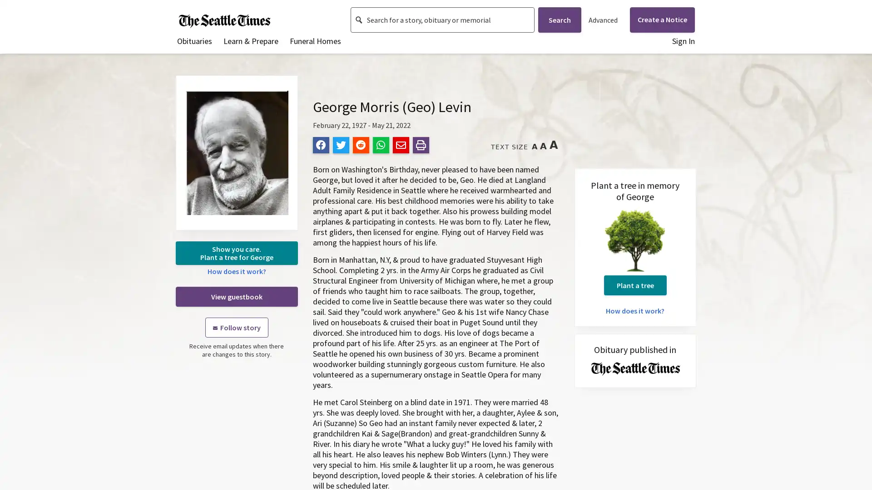 This screenshot has width=872, height=490. What do you see at coordinates (340, 145) in the screenshot?
I see `Twitter - Opens a new Window` at bounding box center [340, 145].